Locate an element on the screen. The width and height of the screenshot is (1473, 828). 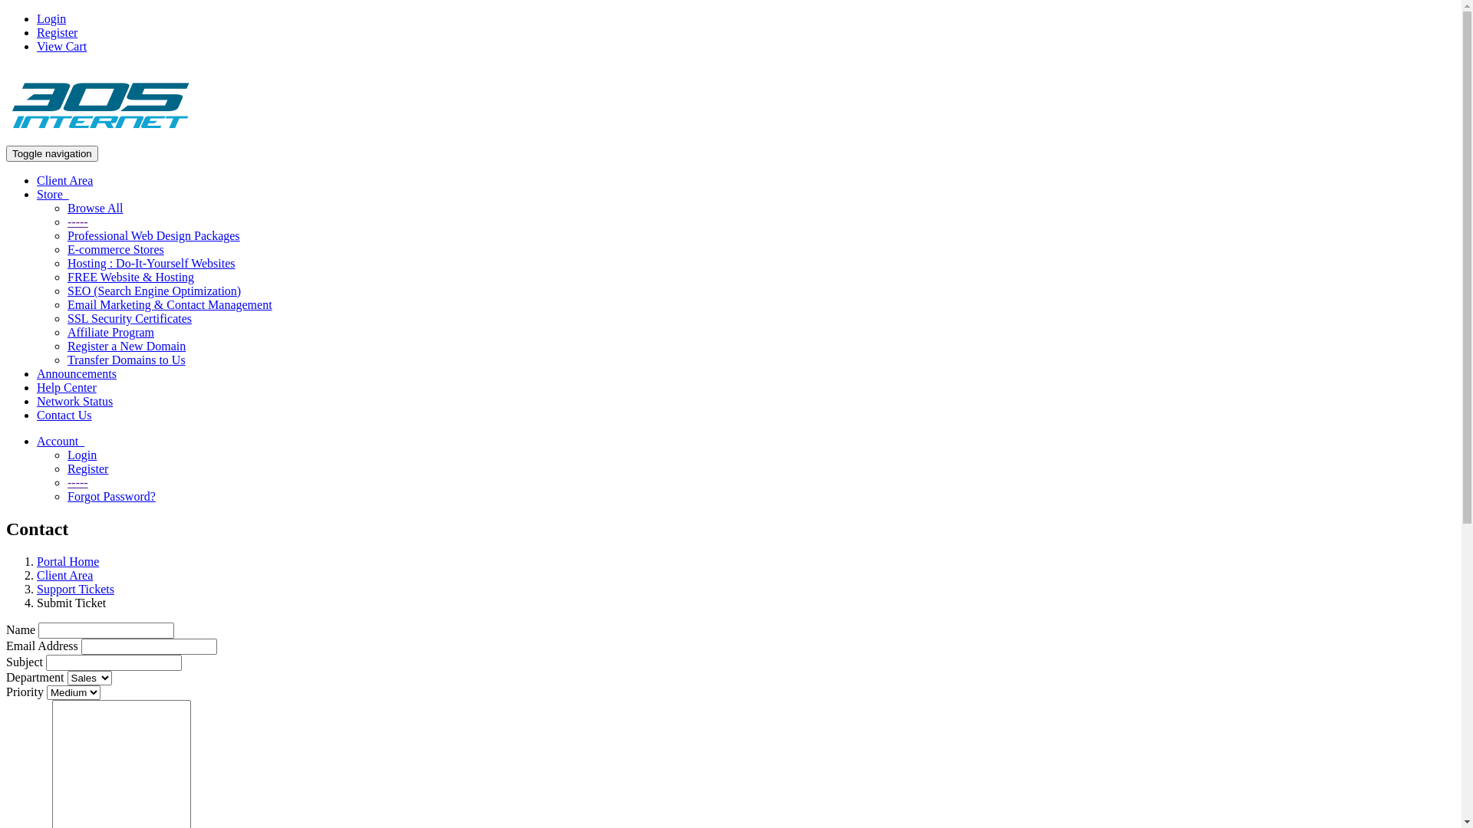
'-----' is located at coordinates (77, 222).